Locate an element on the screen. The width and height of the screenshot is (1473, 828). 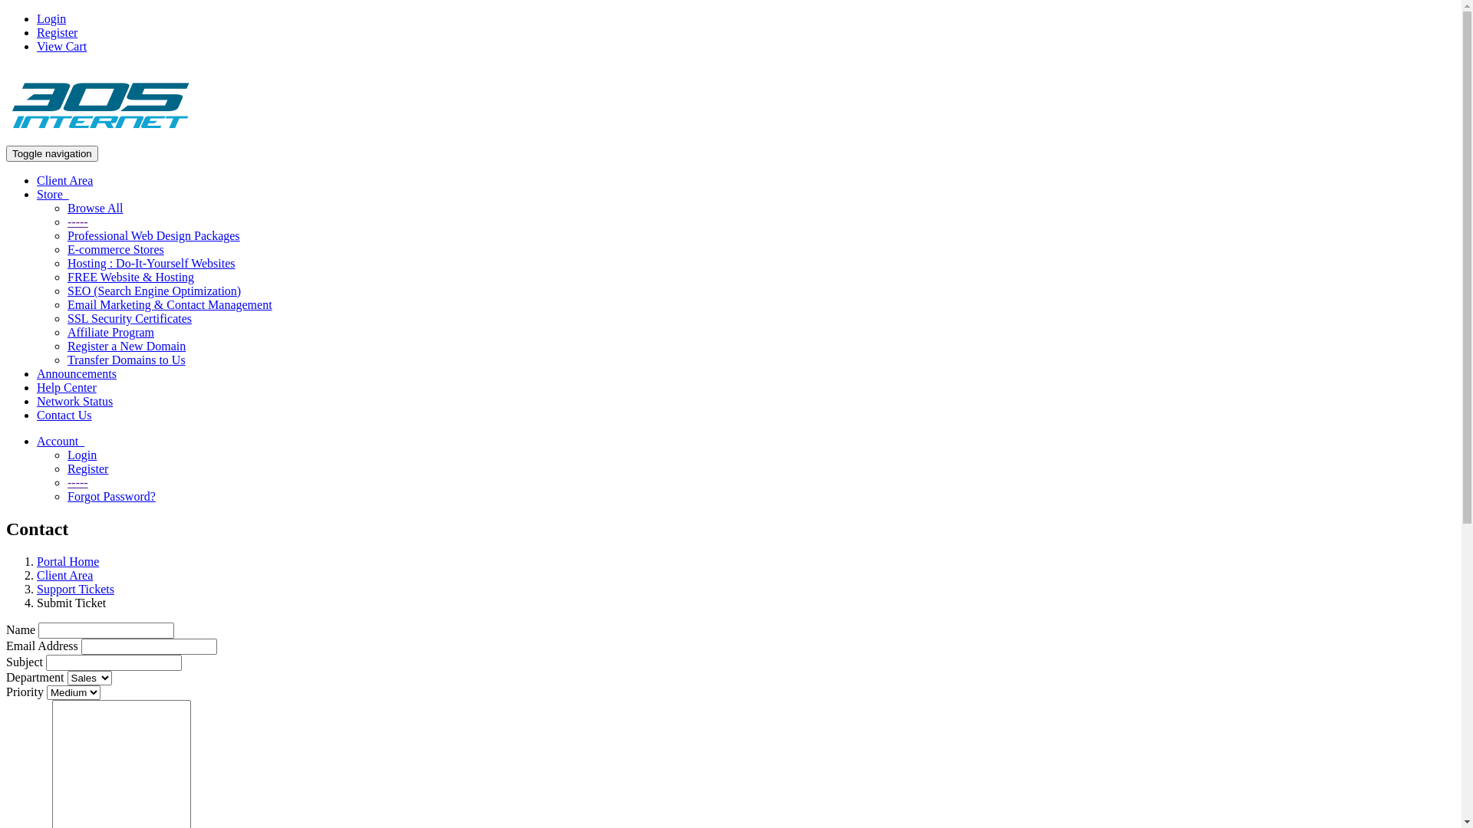
'-----' is located at coordinates (77, 222).